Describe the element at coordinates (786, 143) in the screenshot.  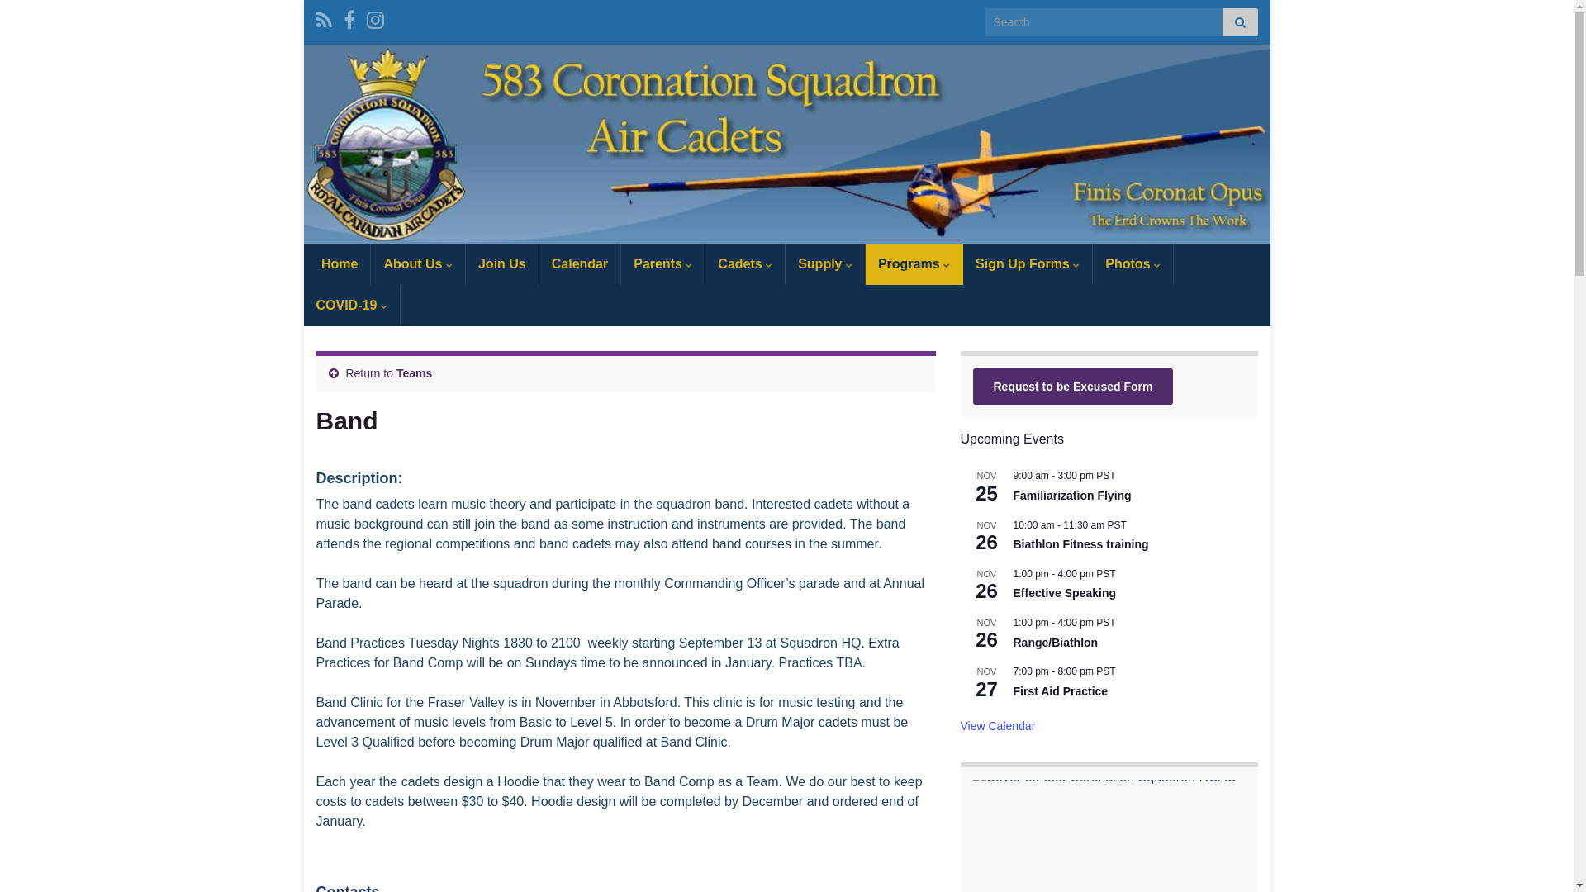
I see `' '` at that location.